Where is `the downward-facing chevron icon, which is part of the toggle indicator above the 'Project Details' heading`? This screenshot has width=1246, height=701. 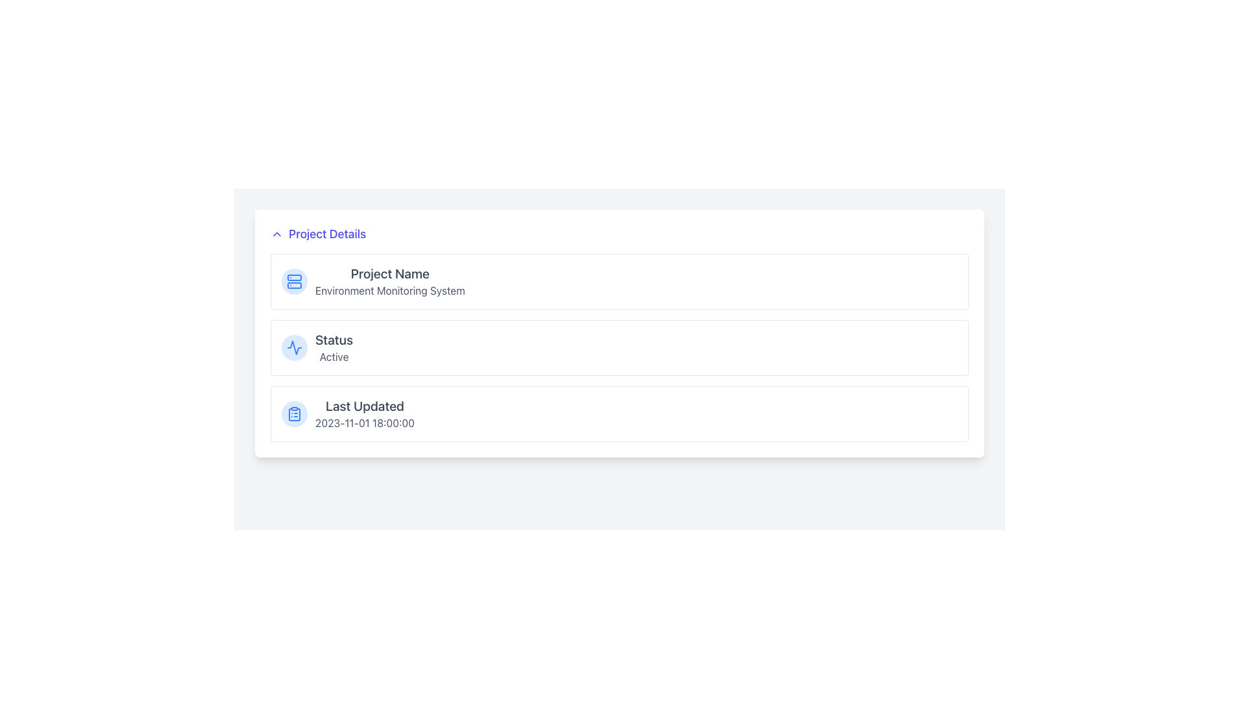
the downward-facing chevron icon, which is part of the toggle indicator above the 'Project Details' heading is located at coordinates (276, 234).